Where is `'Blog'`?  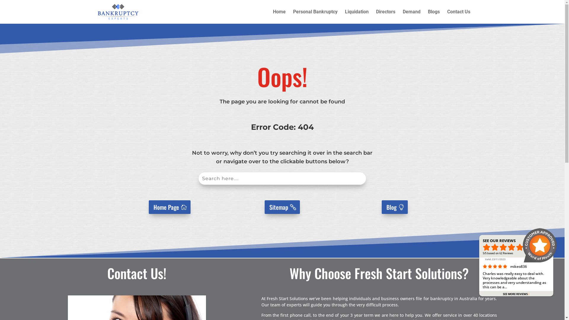 'Blog' is located at coordinates (381, 207).